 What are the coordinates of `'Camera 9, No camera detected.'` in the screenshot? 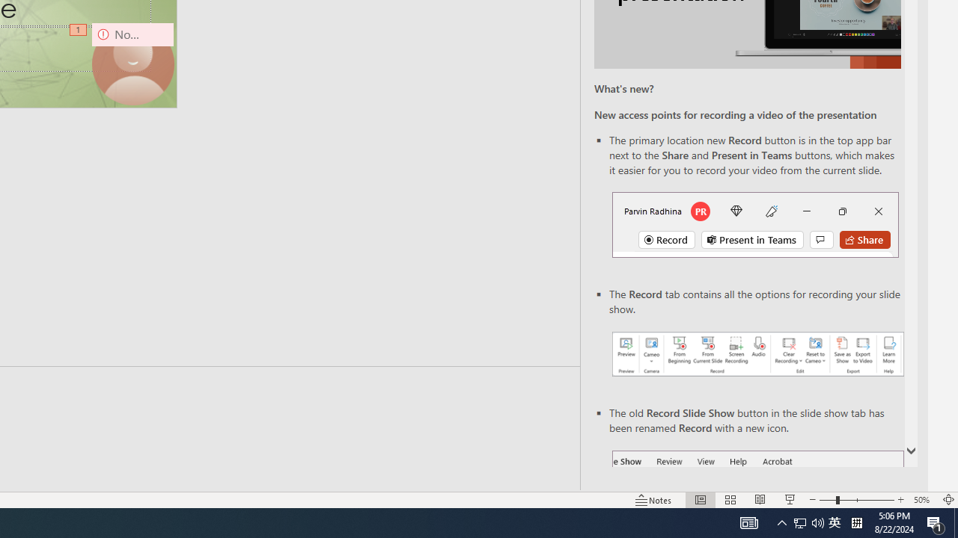 It's located at (132, 63).